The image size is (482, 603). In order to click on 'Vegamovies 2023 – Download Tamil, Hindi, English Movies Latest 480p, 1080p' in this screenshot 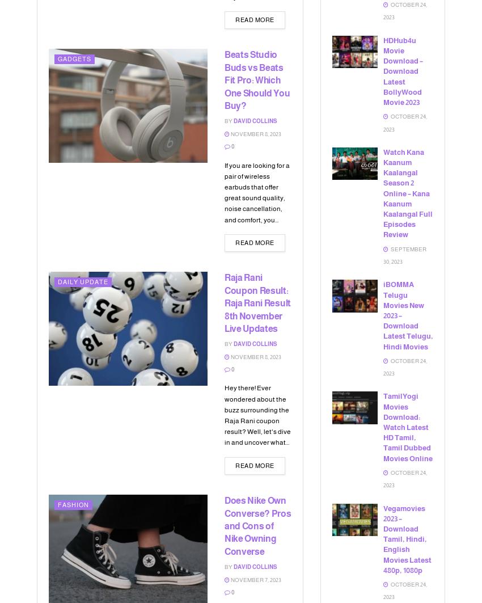, I will do `click(383, 538)`.